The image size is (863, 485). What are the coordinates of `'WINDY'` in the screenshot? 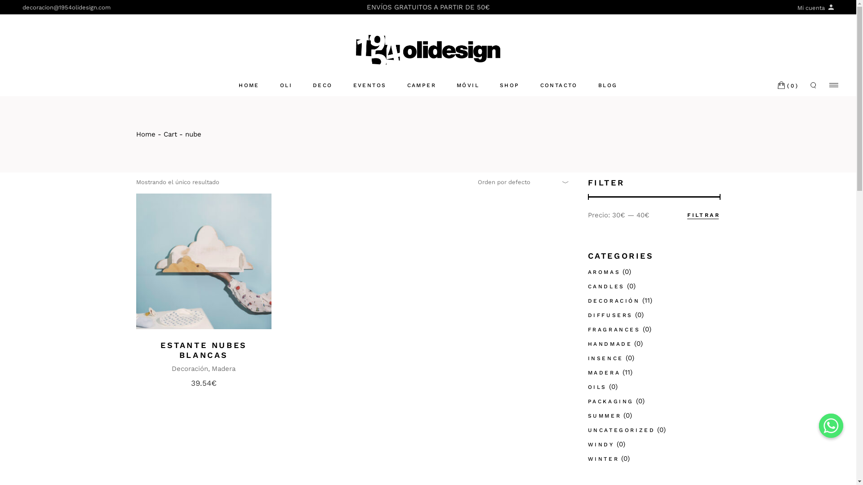 It's located at (601, 445).